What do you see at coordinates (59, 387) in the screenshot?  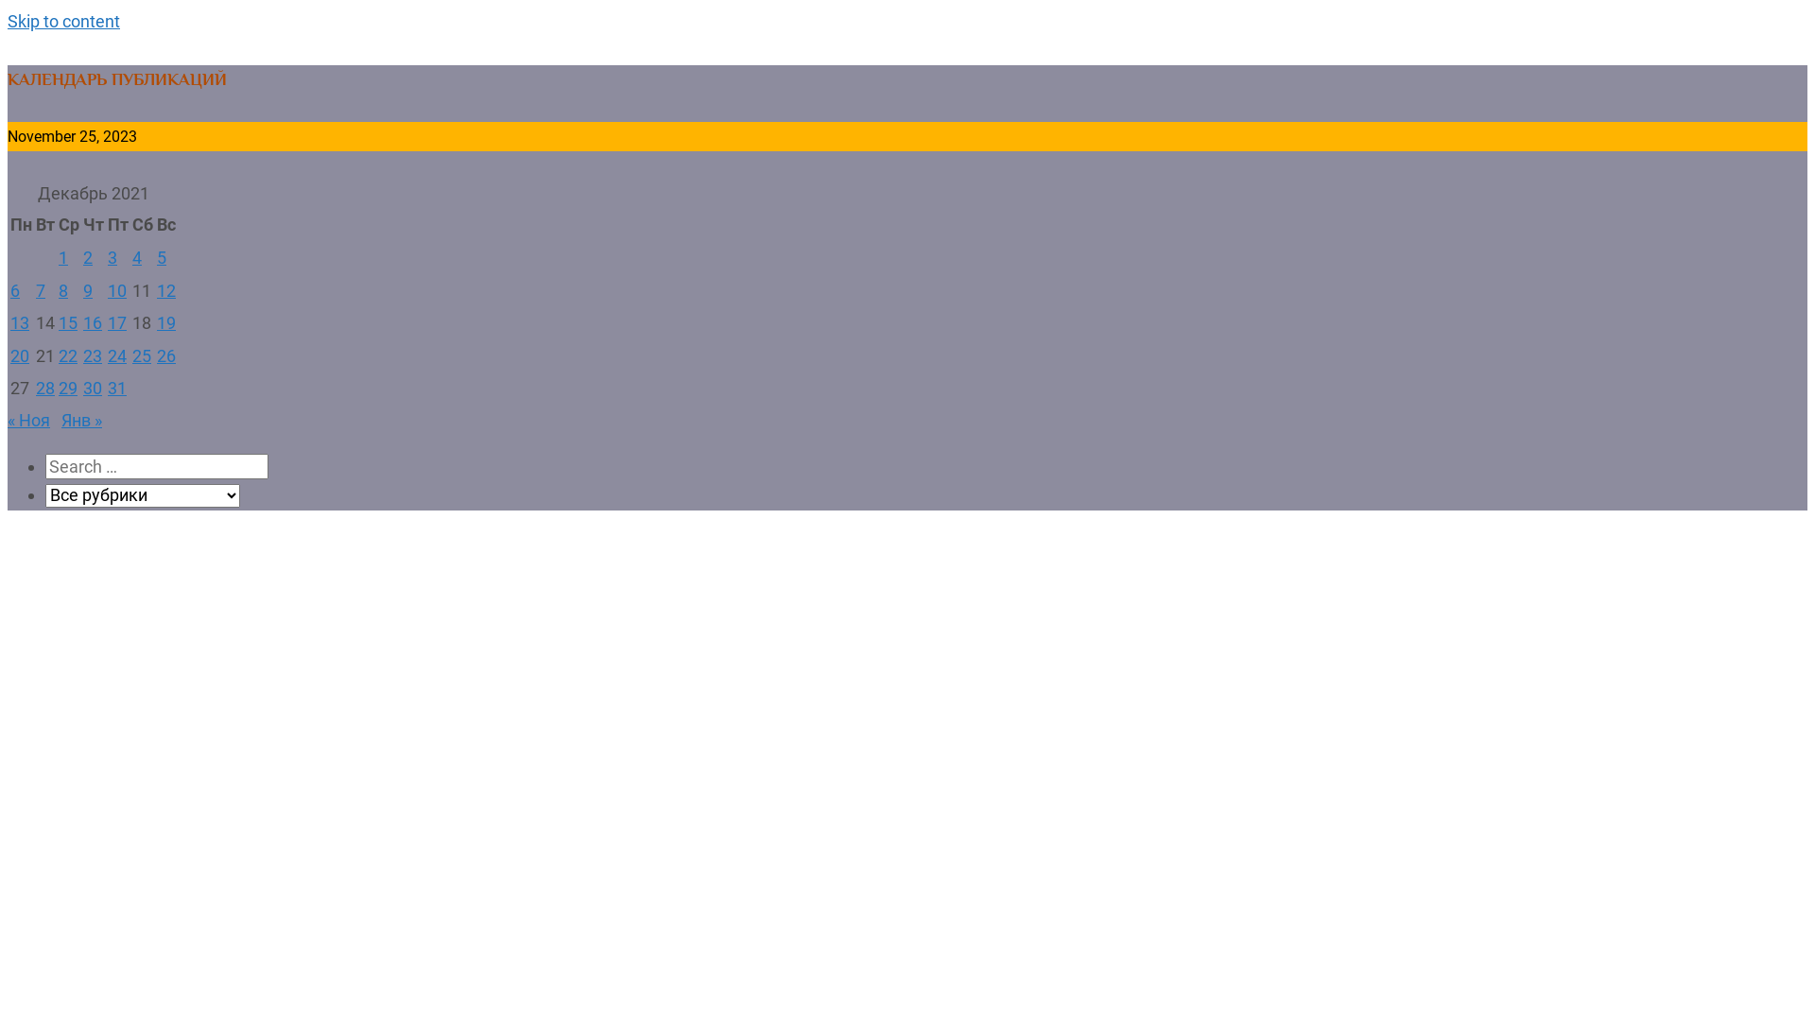 I see `'29'` at bounding box center [59, 387].